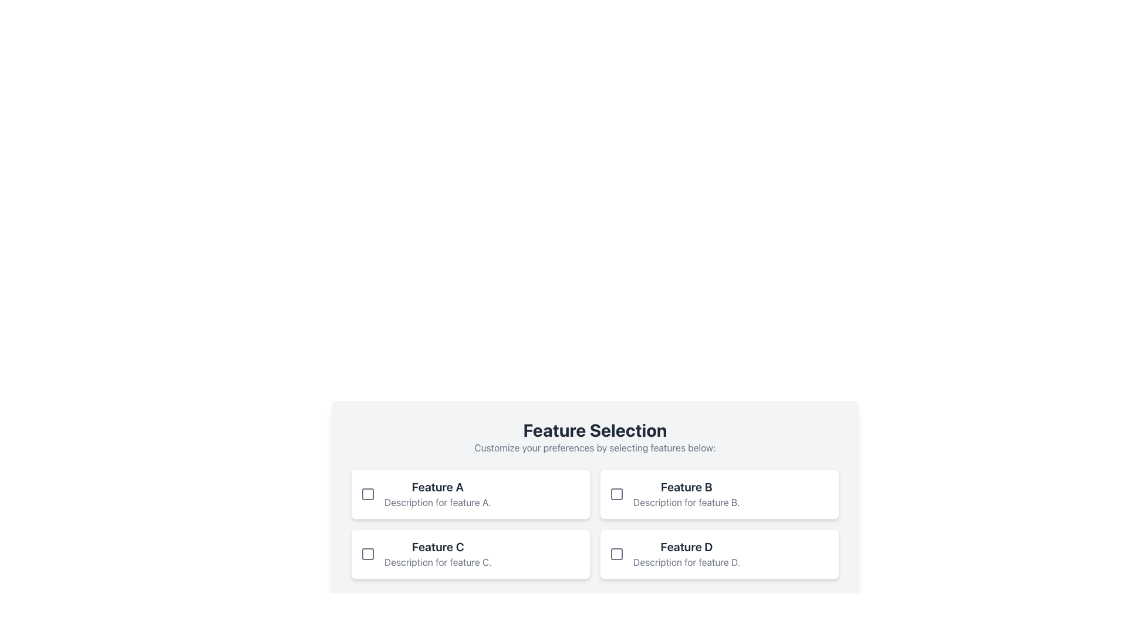  I want to click on the checkbox indicator for 'Feature B', so click(616, 494).